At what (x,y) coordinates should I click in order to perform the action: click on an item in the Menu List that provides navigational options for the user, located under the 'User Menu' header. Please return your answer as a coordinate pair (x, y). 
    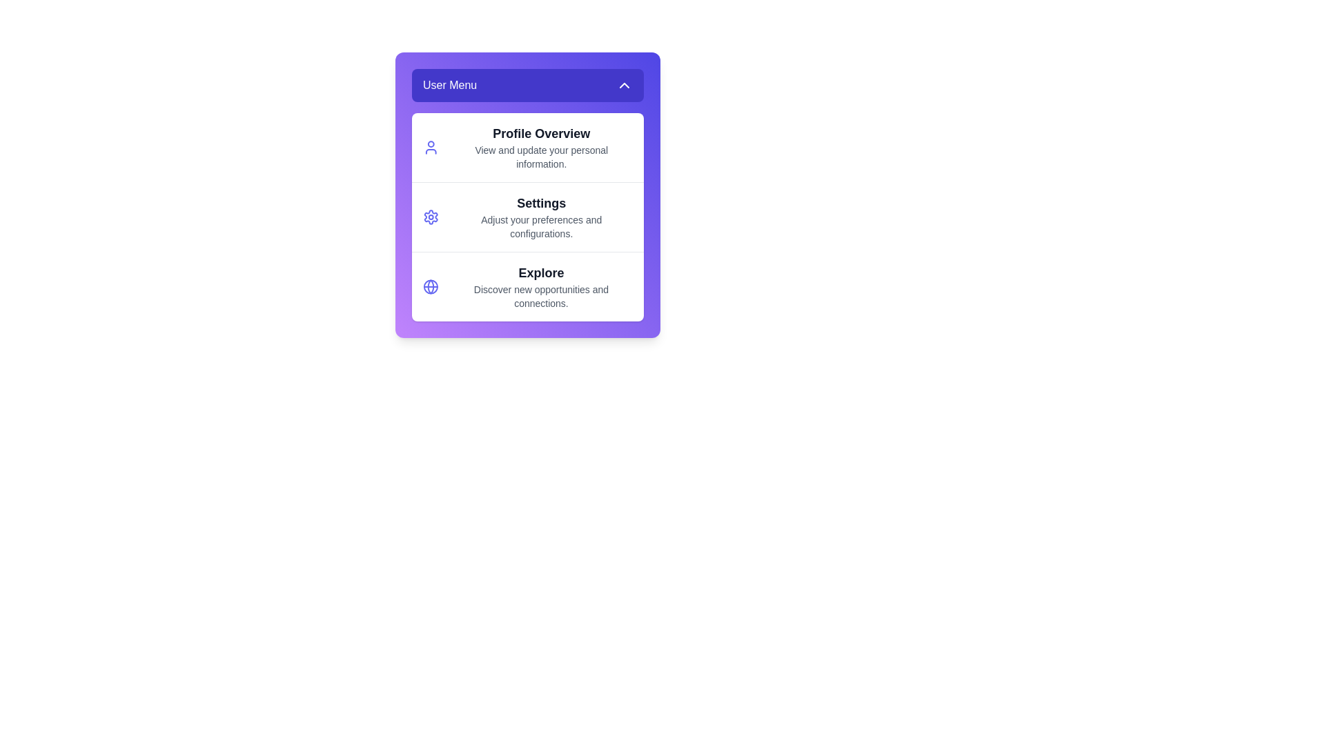
    Looking at the image, I should click on (527, 217).